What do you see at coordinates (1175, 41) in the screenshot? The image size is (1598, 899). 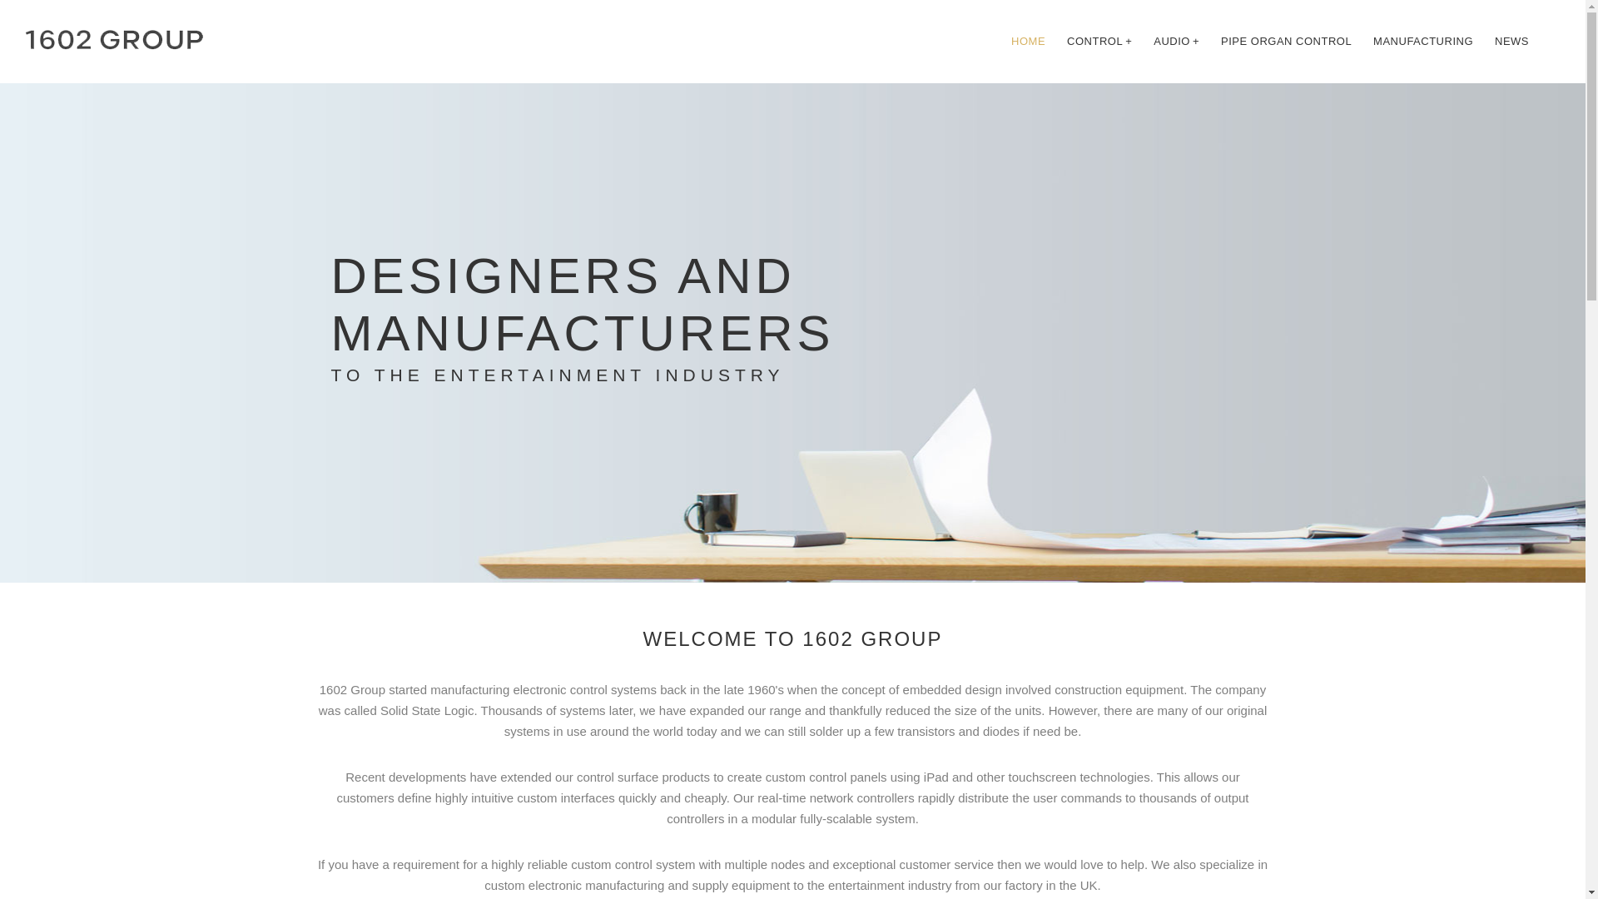 I see `'AUDIO+'` at bounding box center [1175, 41].